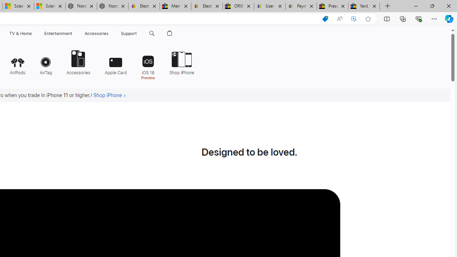 This screenshot has width=457, height=257. I want to click on 'Enhance video', so click(354, 19).